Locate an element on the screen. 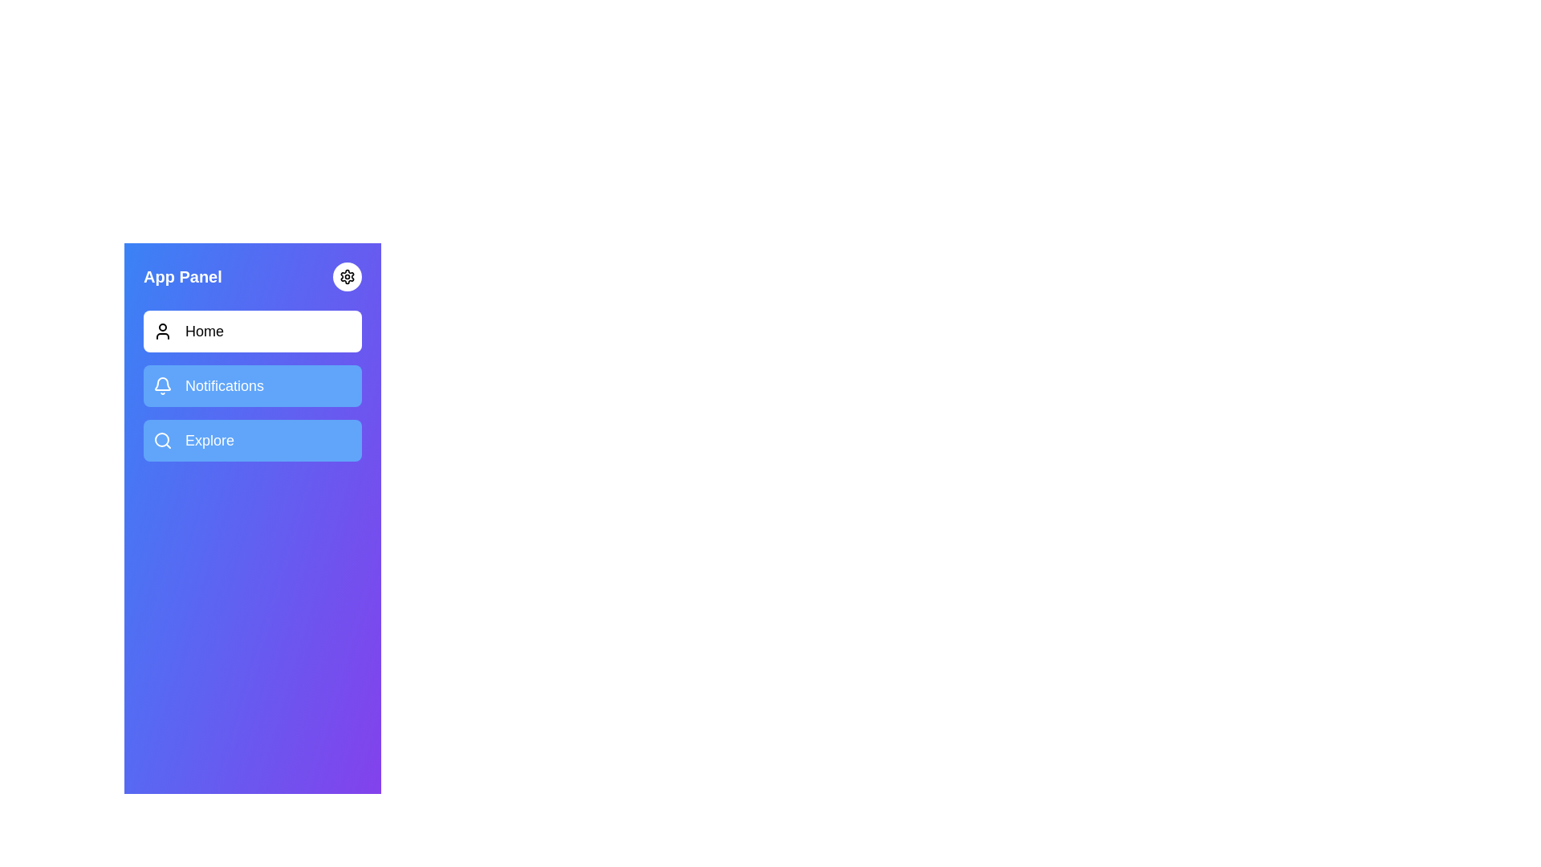  the menu item Notifications to activate and highlight it is located at coordinates (252, 386).